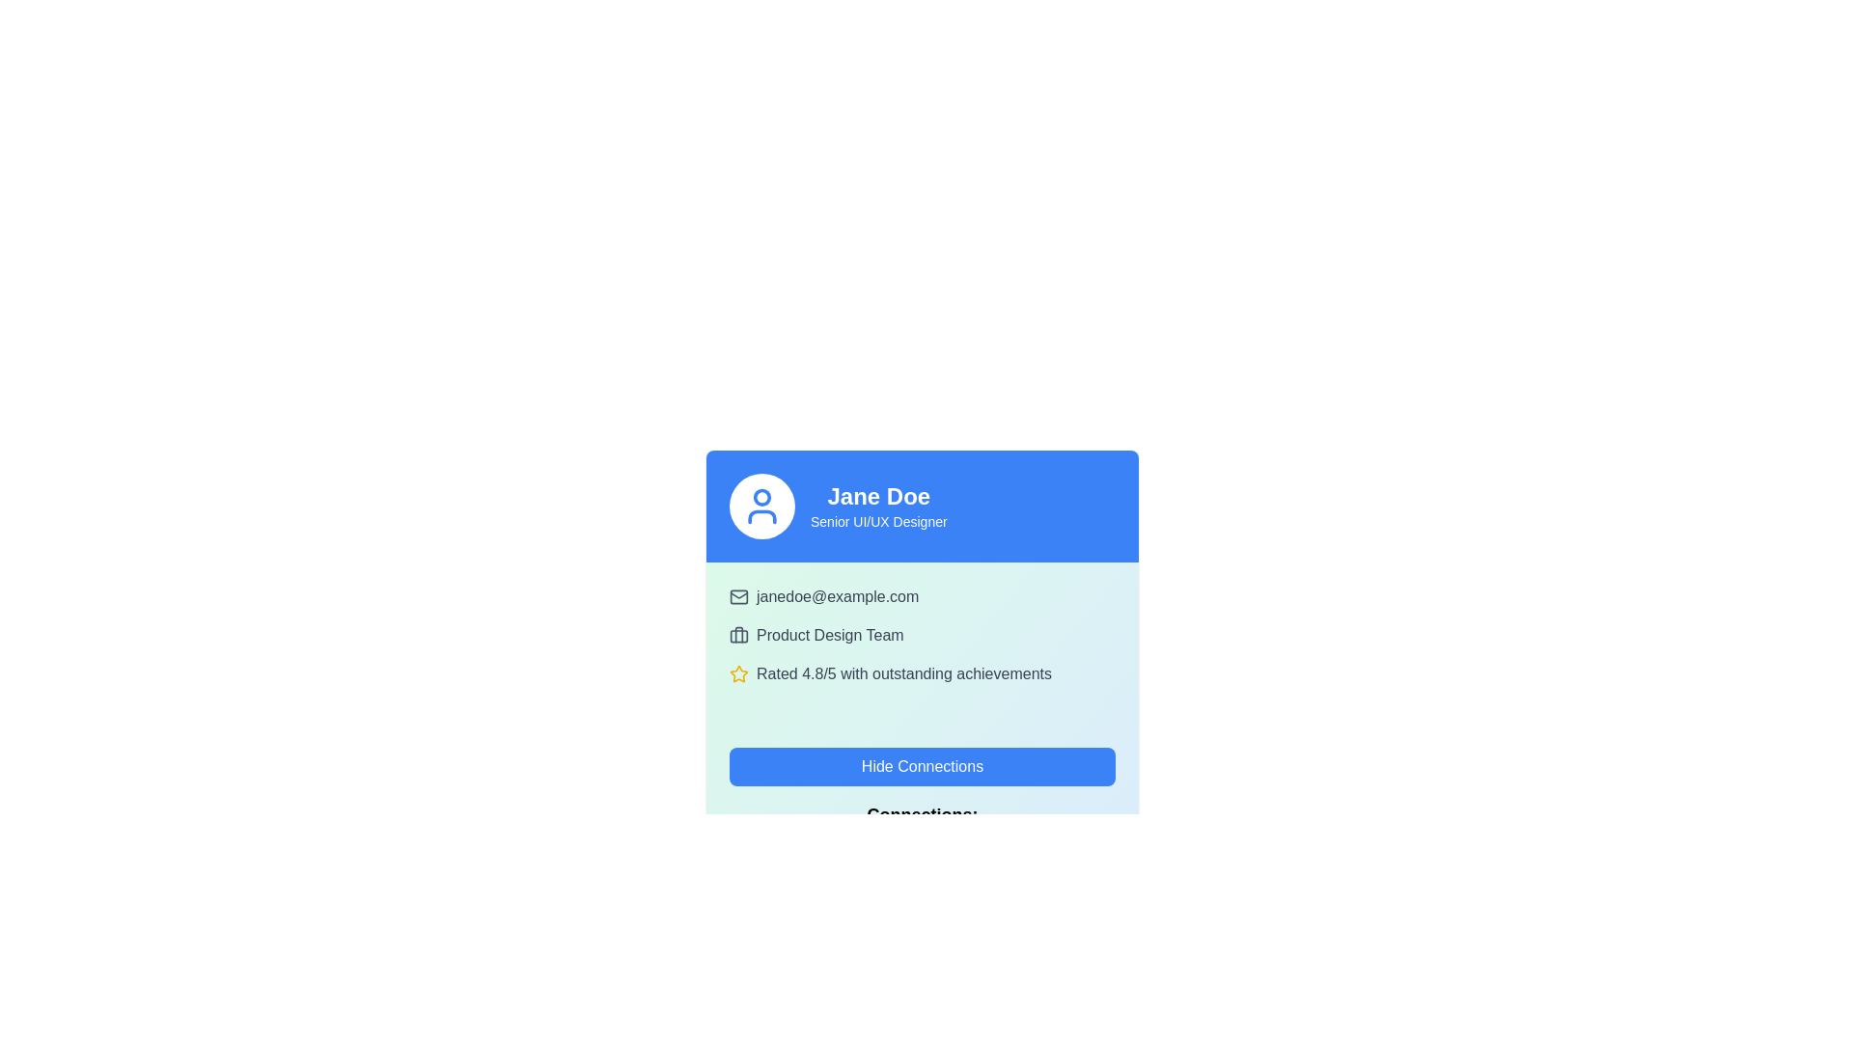 Image resolution: width=1853 pixels, height=1042 pixels. I want to click on the yellow star icon that represents a rating, positioned to the left of the text 'Rated 4.8/5 with outstanding achievements', so click(738, 672).